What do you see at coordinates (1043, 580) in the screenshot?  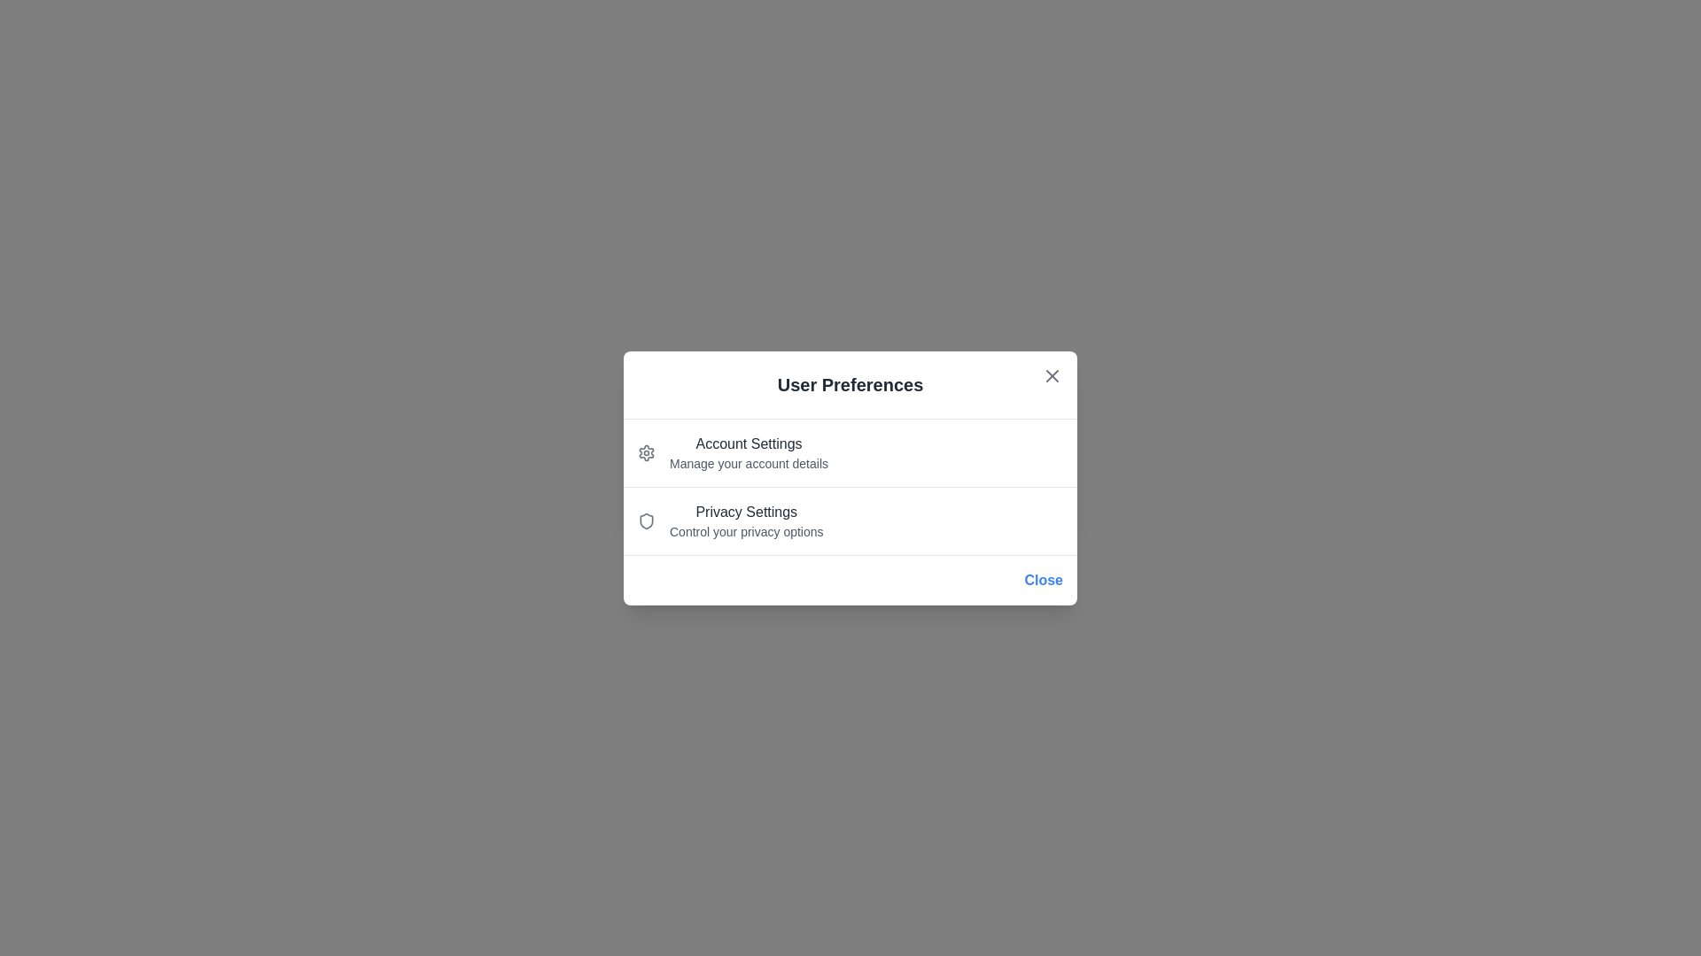 I see `the 'Close' button to close the dialog` at bounding box center [1043, 580].